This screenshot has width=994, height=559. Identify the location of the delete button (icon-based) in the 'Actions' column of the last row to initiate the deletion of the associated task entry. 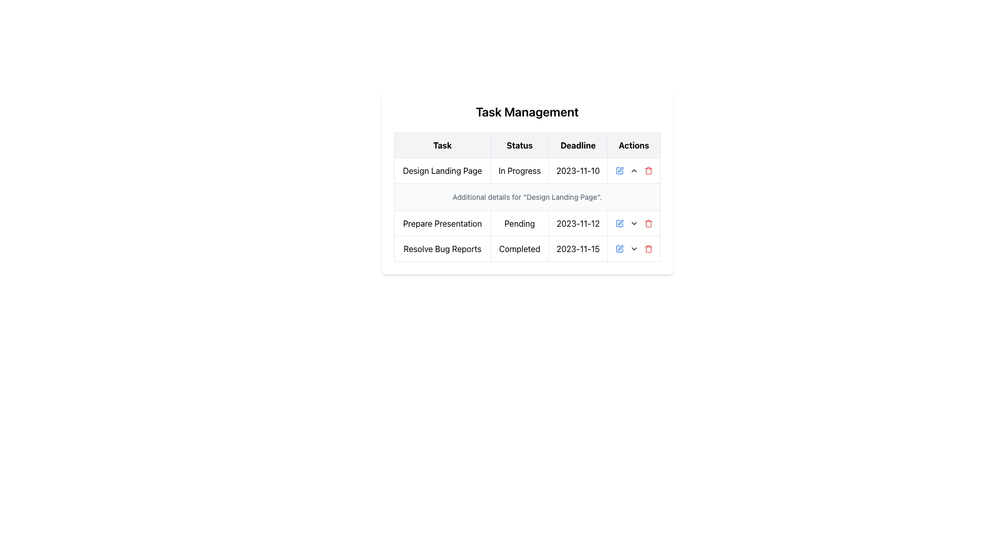
(648, 249).